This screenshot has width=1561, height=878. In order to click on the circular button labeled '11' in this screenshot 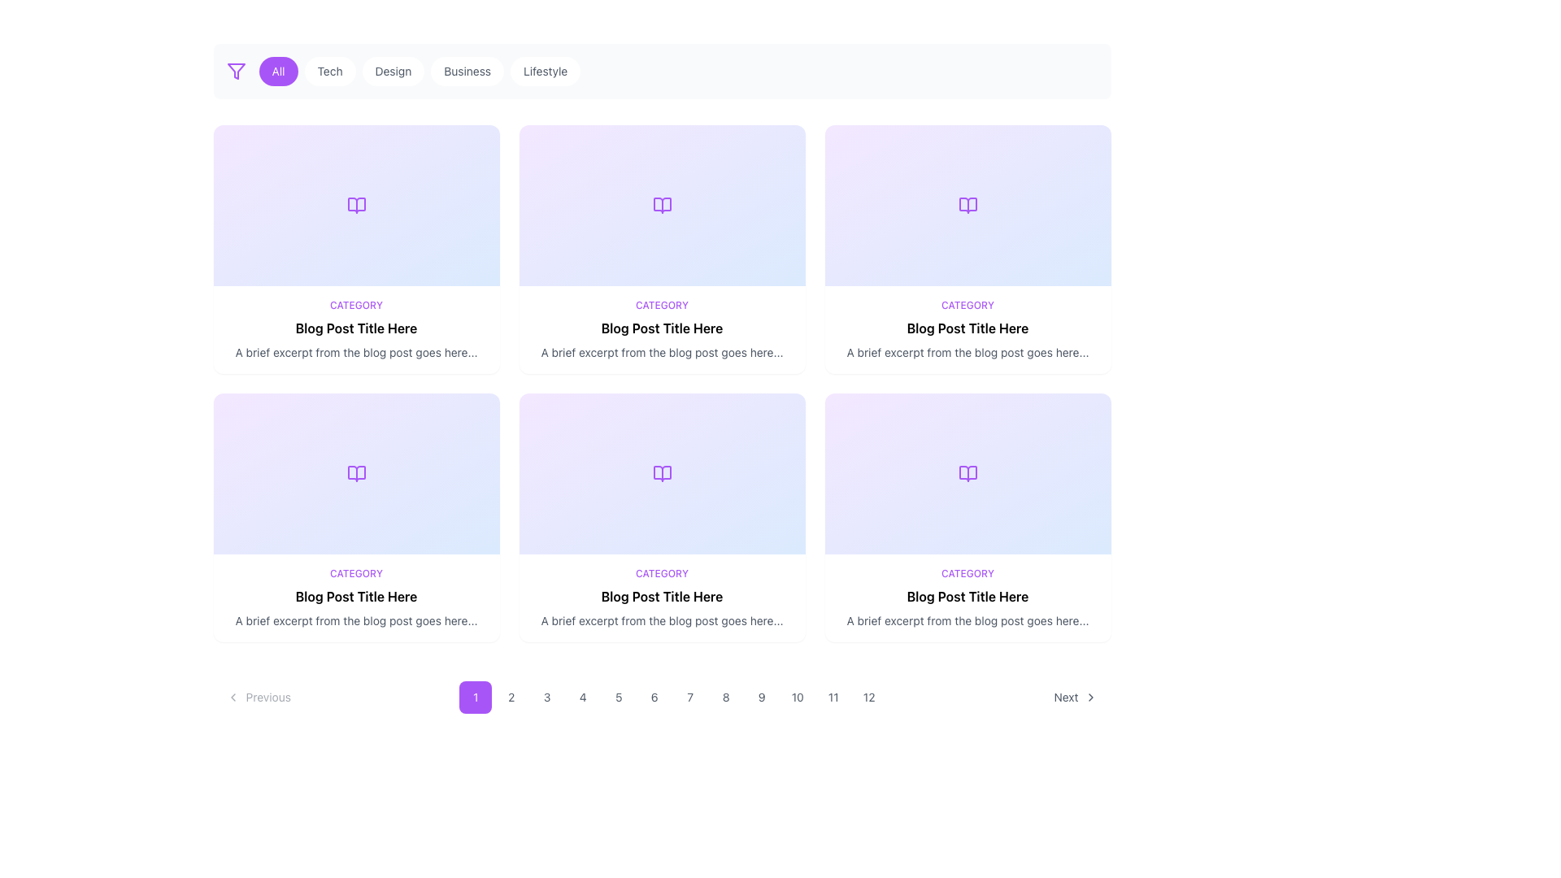, I will do `click(833, 696)`.